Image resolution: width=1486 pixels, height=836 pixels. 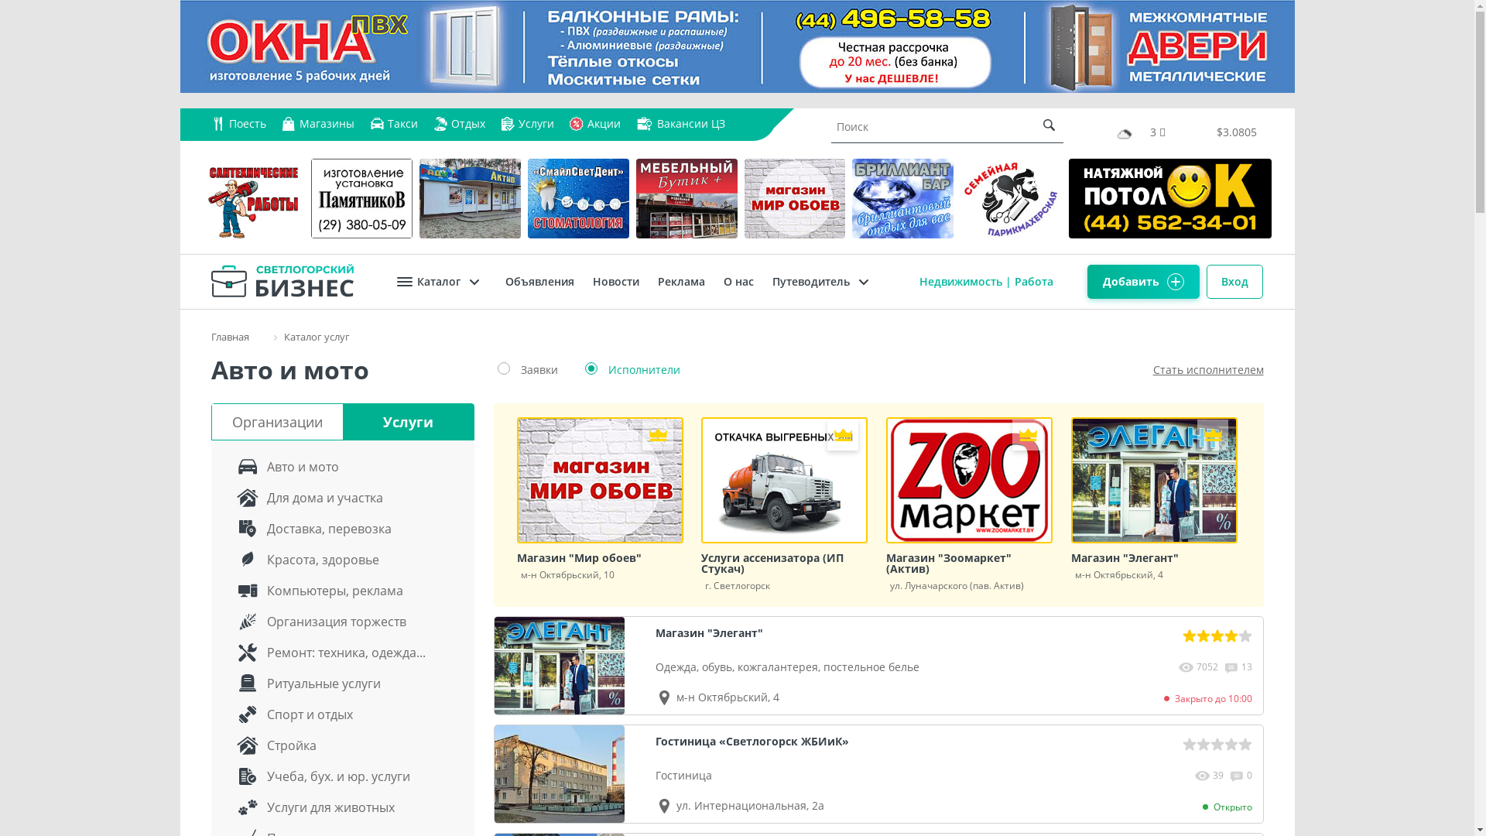 What do you see at coordinates (638, 437) in the screenshot?
I see `'VIP'` at bounding box center [638, 437].